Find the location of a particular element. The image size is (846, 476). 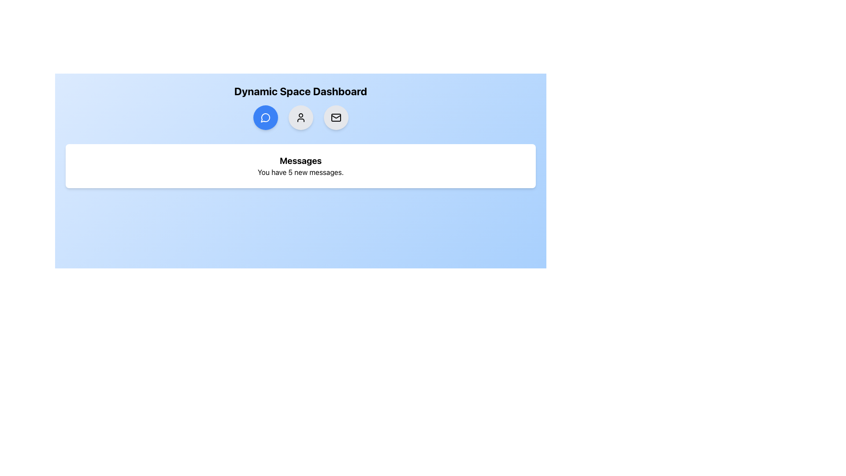

the mail or messaging button located as the fourth button from the left in a horizontal row of circular icons is located at coordinates (335, 117).